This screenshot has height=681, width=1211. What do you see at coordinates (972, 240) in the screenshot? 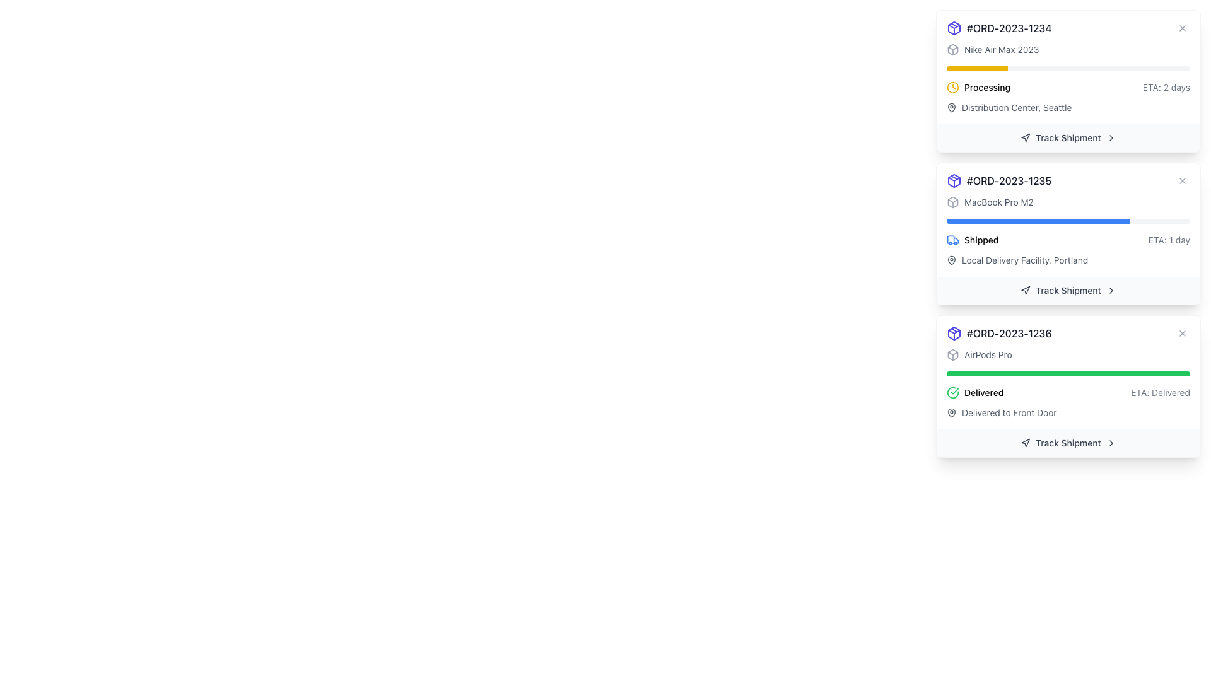
I see `the shipment status by clicking on the Status Indicator that shows a blue truck icon followed by the word 'Shipped' within the second shipment card, located below the progress bar` at bounding box center [972, 240].